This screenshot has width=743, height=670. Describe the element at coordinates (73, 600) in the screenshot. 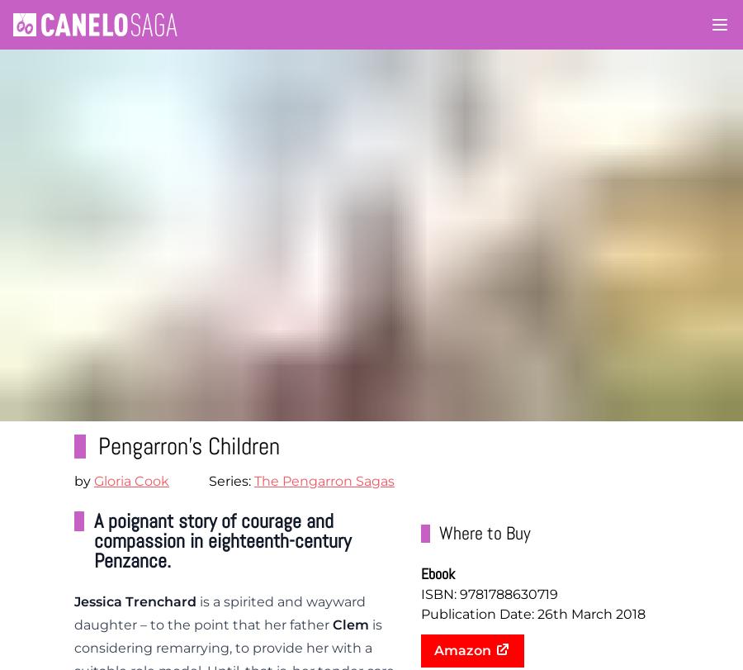

I see `'Jessica Trenchard'` at that location.